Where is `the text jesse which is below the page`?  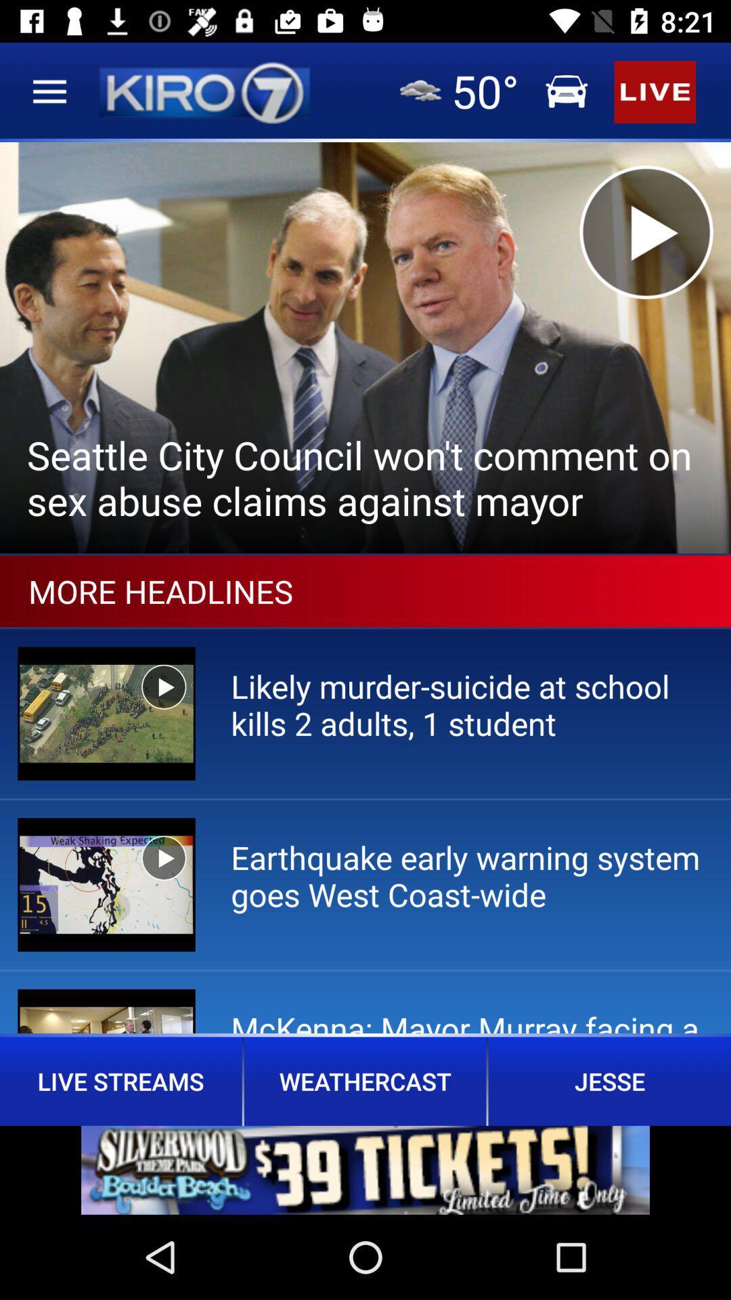 the text jesse which is below the page is located at coordinates (610, 1081).